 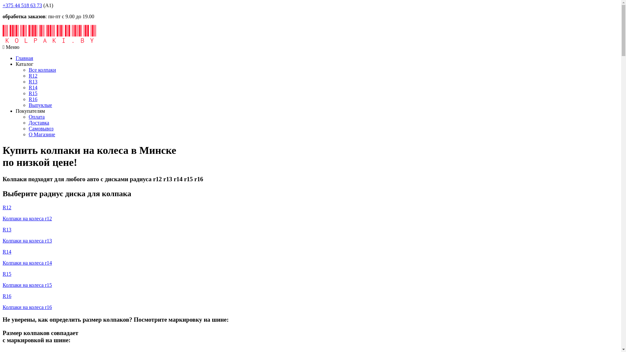 What do you see at coordinates (33, 99) in the screenshot?
I see `'R16'` at bounding box center [33, 99].